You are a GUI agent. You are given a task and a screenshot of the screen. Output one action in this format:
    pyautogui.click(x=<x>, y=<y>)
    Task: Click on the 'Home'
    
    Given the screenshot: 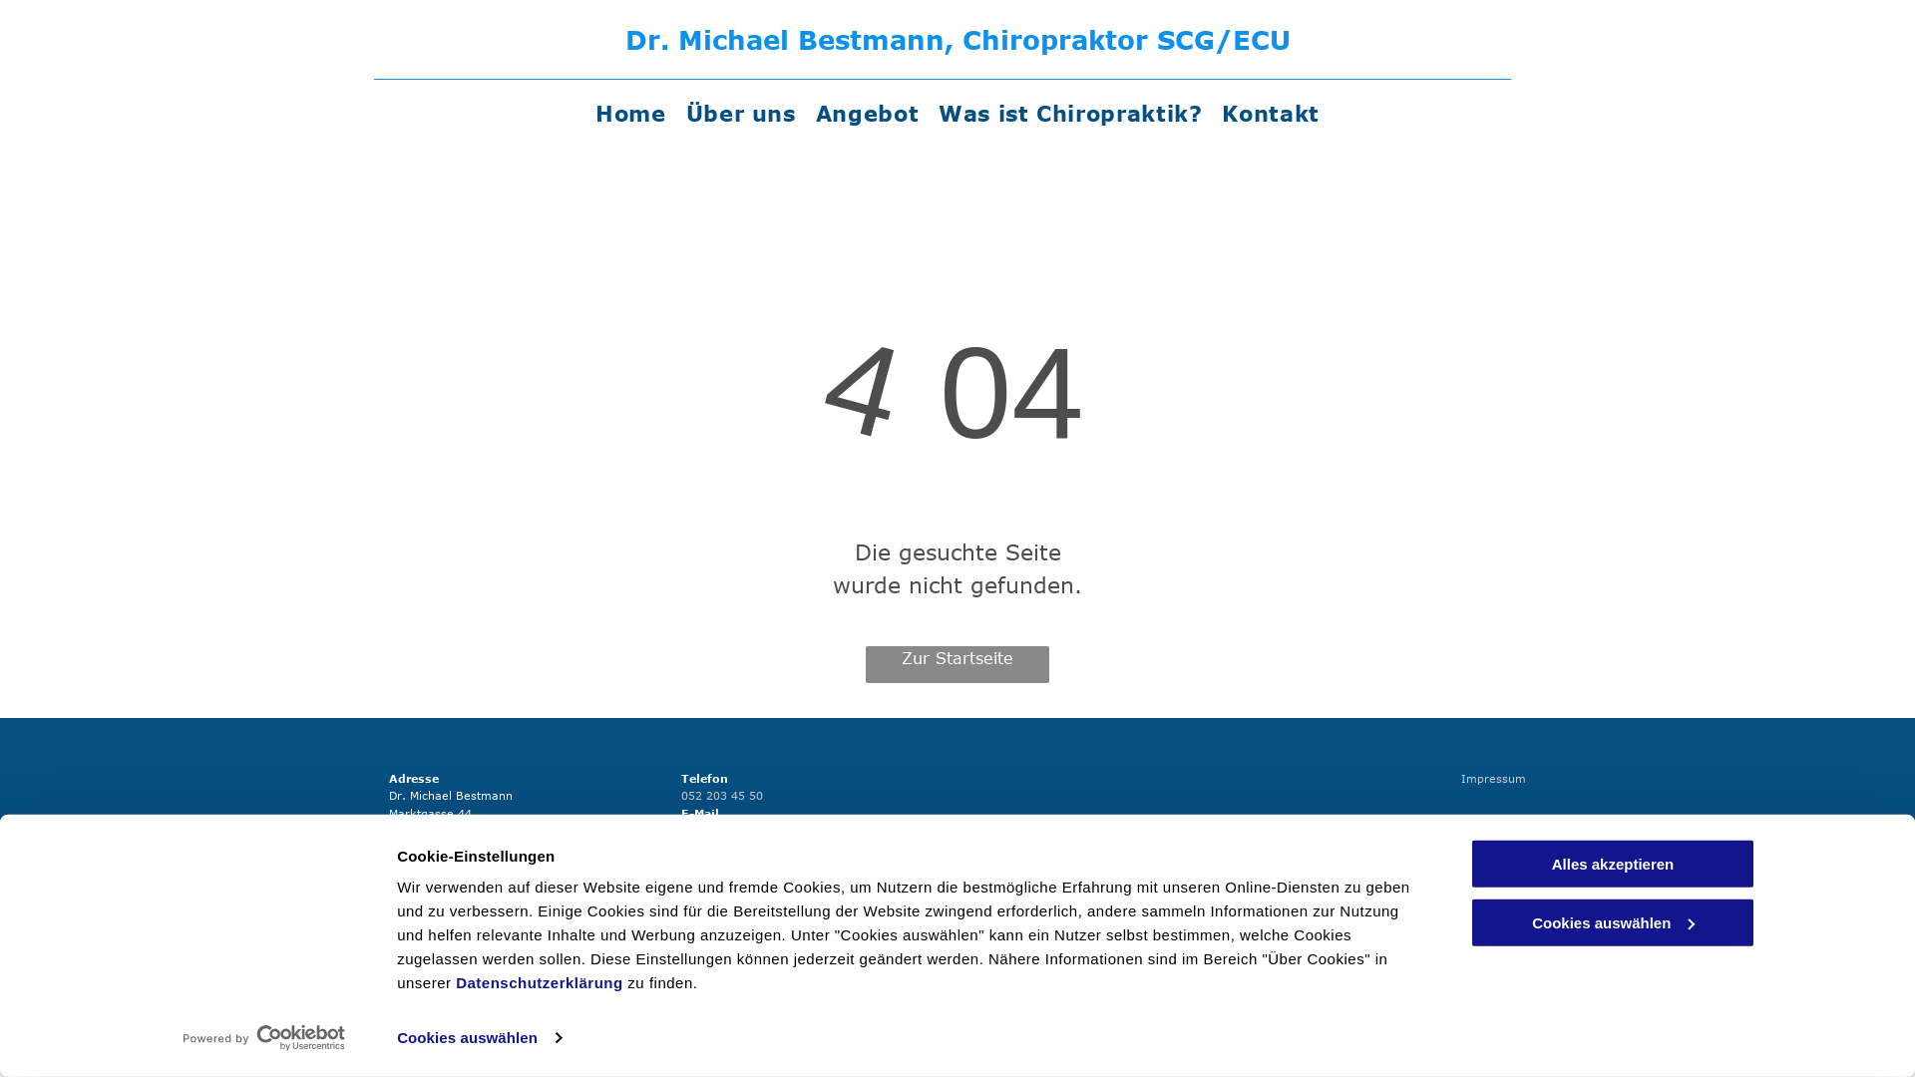 What is the action you would take?
    pyautogui.click(x=629, y=113)
    